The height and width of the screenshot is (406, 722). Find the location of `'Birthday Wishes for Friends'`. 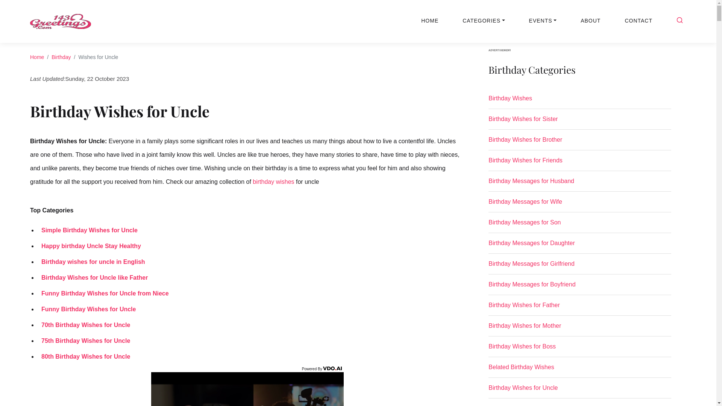

'Birthday Wishes for Friends' is located at coordinates (488, 163).